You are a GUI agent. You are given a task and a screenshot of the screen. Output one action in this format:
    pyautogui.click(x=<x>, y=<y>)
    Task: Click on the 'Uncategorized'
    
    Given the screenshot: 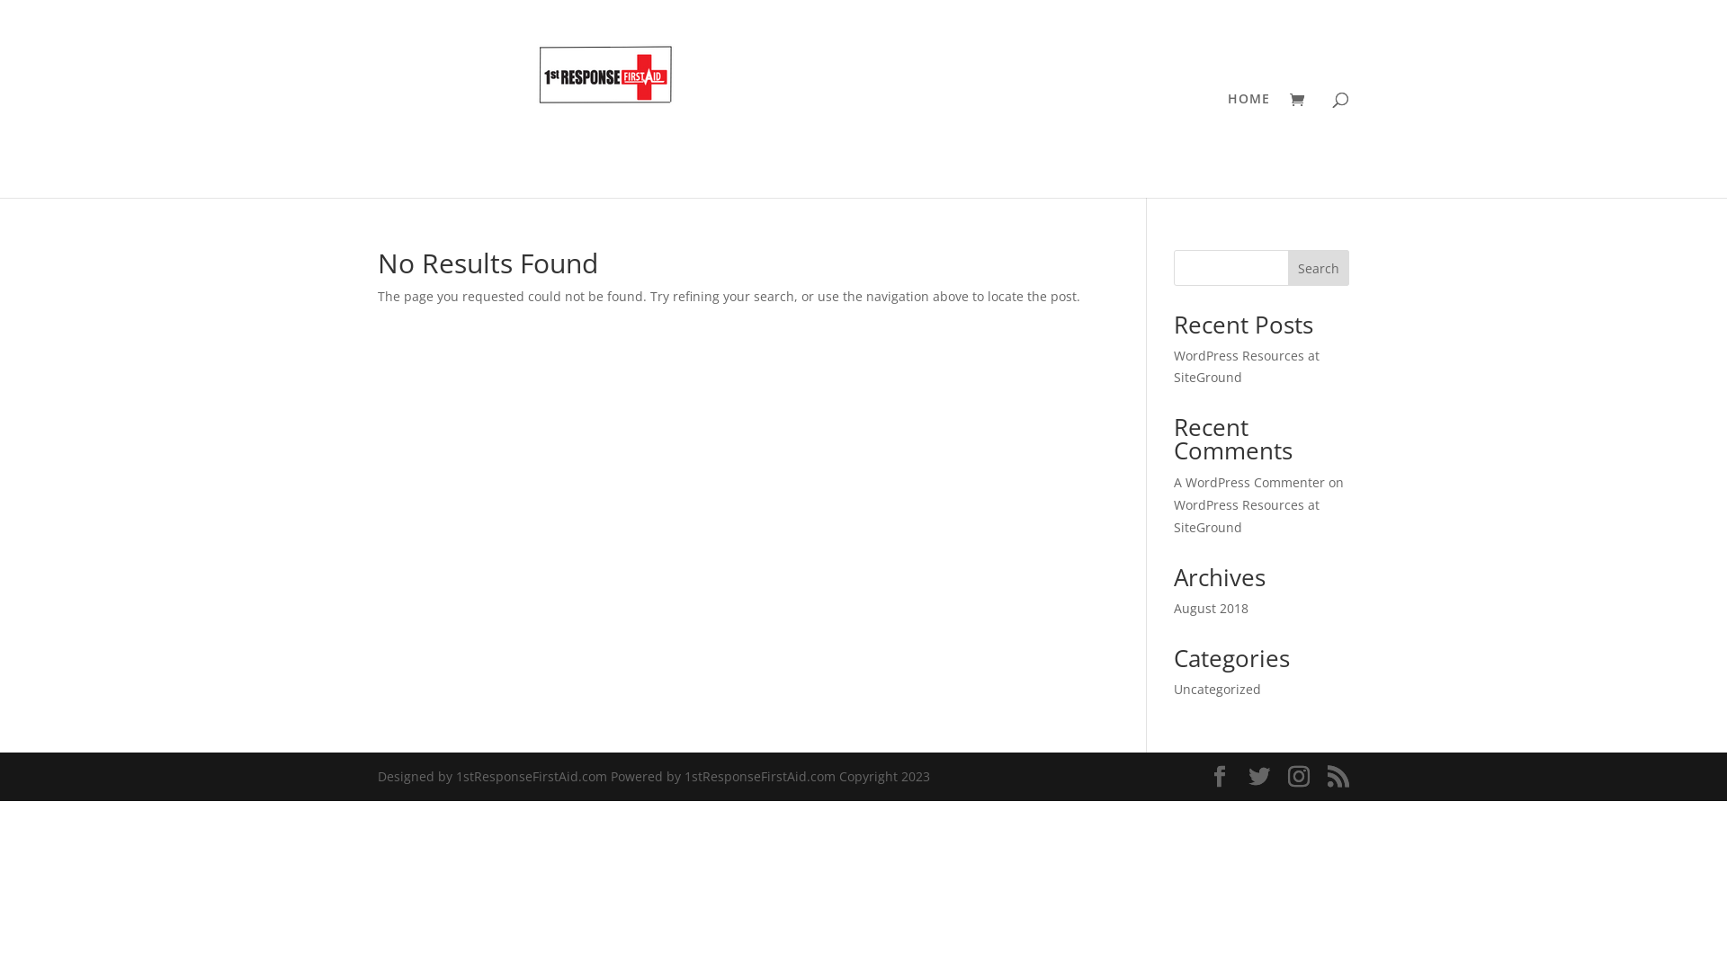 What is the action you would take?
    pyautogui.click(x=1174, y=688)
    